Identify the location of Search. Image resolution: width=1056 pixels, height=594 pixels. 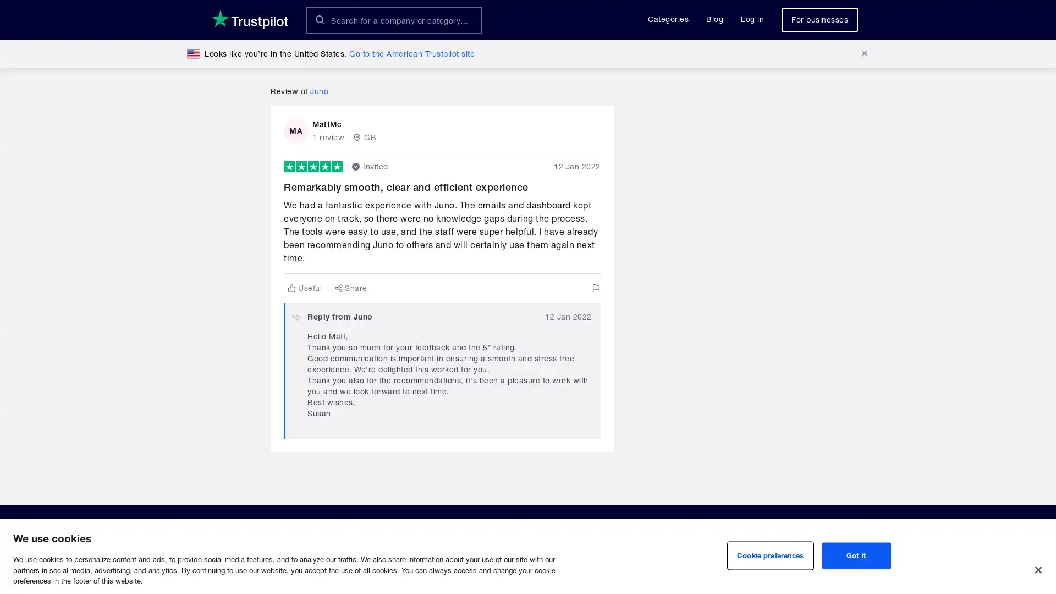
(319, 20).